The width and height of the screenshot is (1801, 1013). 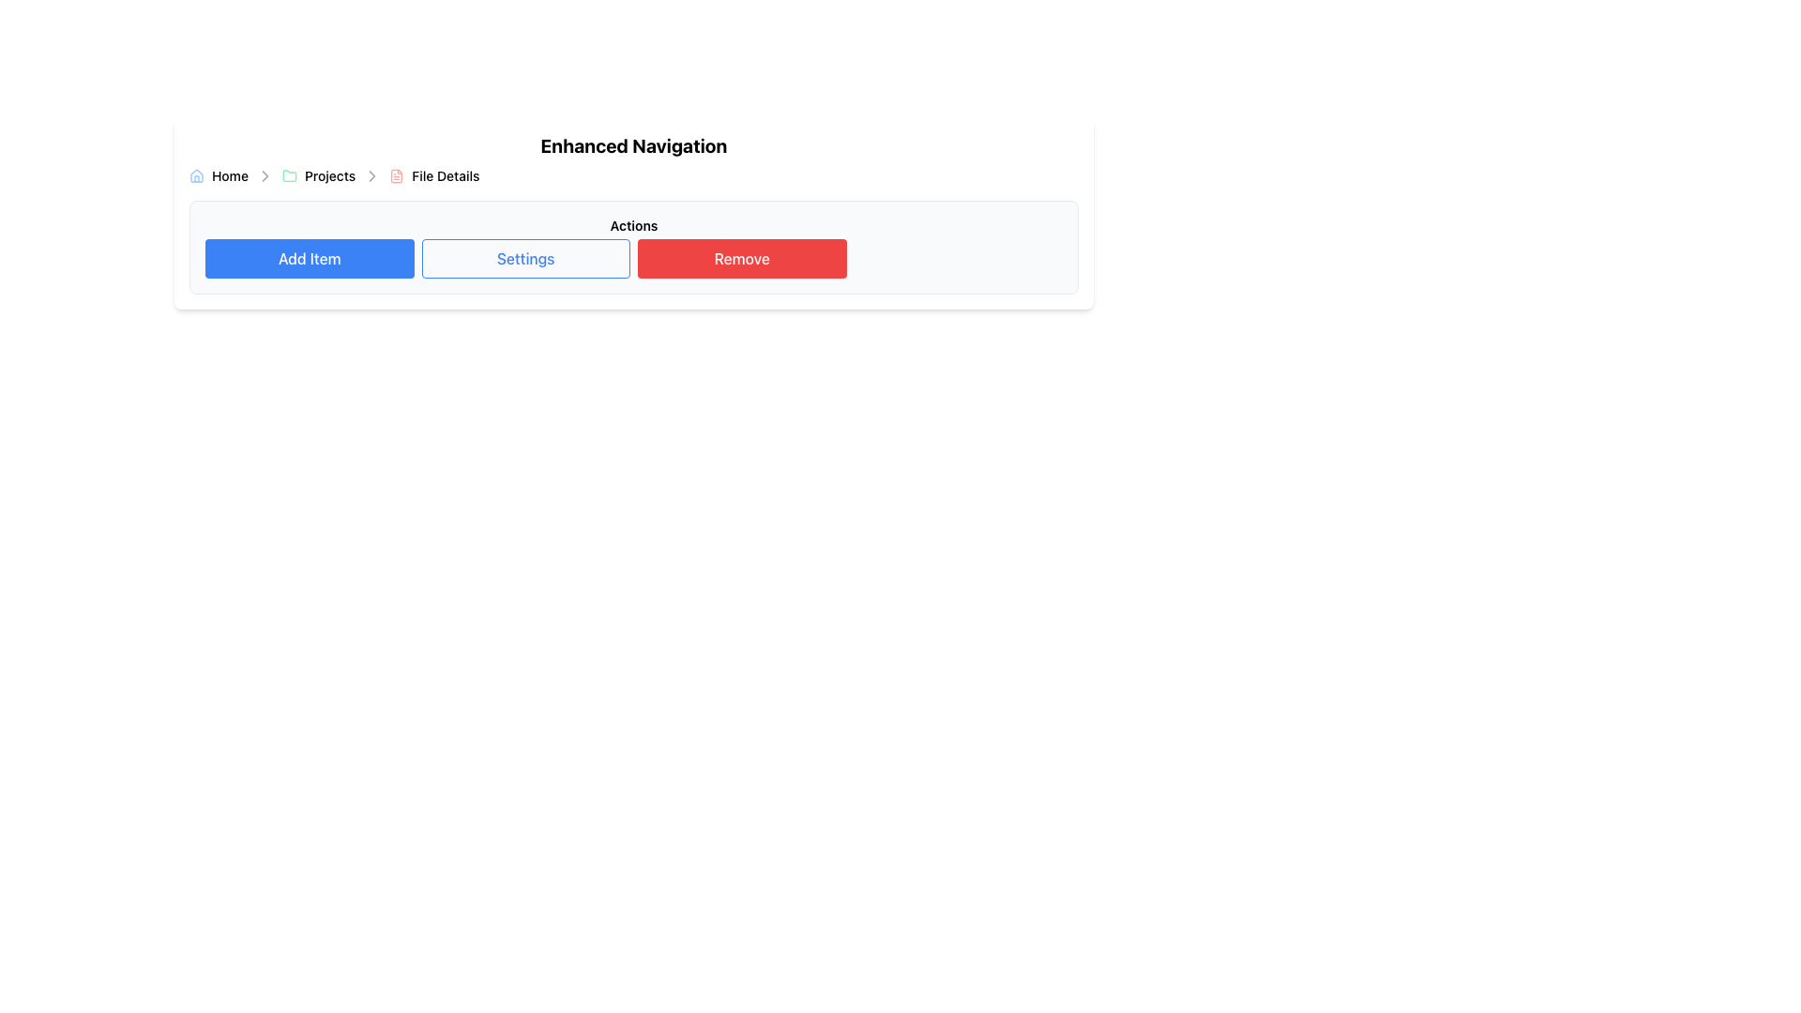 I want to click on the blue 'Add Item' button with white text, which is the first button in a row of three buttons, so click(x=310, y=259).